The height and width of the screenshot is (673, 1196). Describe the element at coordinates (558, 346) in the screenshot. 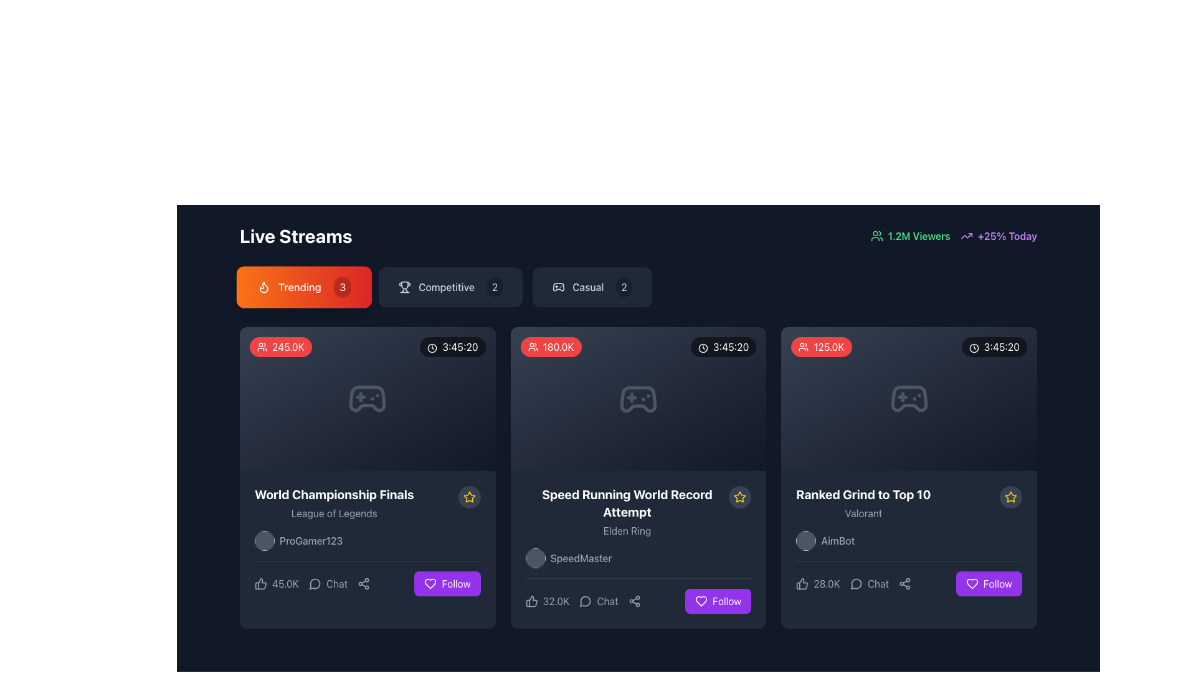

I see `the viewership count displayed as '180.0K' within the badge in the second content card, located near the top-left corner` at that location.